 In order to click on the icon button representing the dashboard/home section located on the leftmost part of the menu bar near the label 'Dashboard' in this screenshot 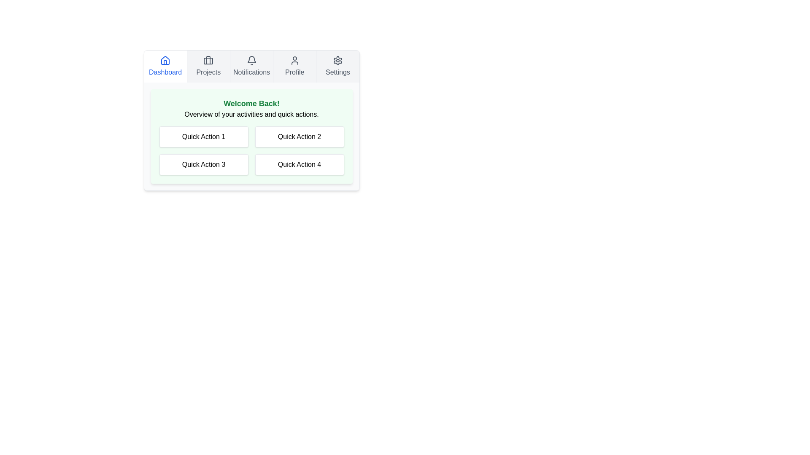, I will do `click(165, 60)`.